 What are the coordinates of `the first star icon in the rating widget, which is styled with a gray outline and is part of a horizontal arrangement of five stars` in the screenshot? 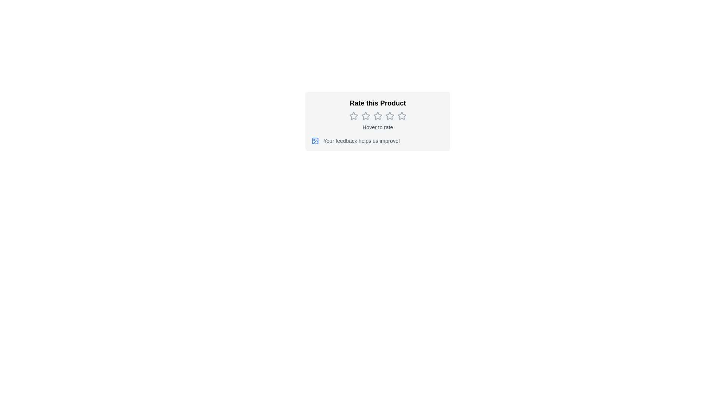 It's located at (353, 116).